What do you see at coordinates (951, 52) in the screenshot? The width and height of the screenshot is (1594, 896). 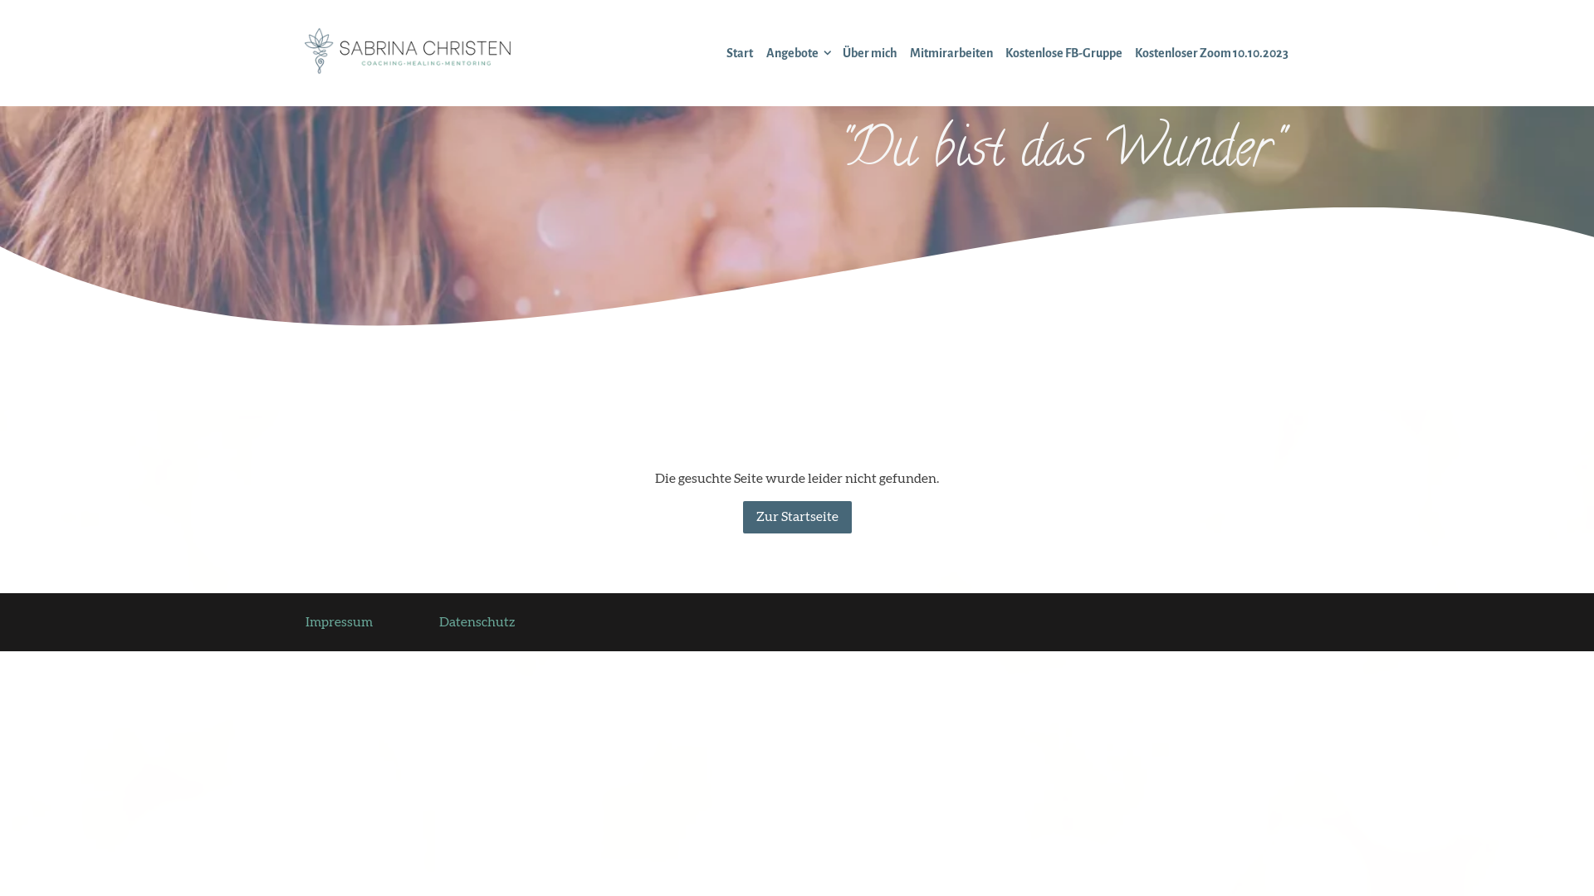 I see `'Mitmirarbeiten'` at bounding box center [951, 52].